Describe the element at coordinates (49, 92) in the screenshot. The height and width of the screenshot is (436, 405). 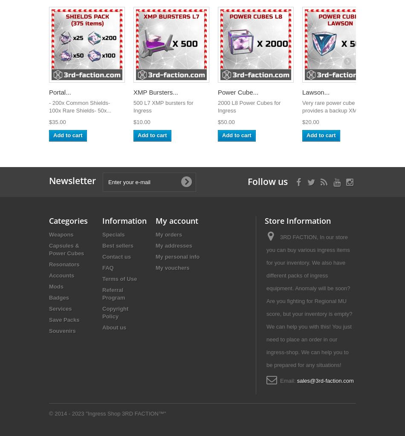
I see `'Portal...'` at that location.